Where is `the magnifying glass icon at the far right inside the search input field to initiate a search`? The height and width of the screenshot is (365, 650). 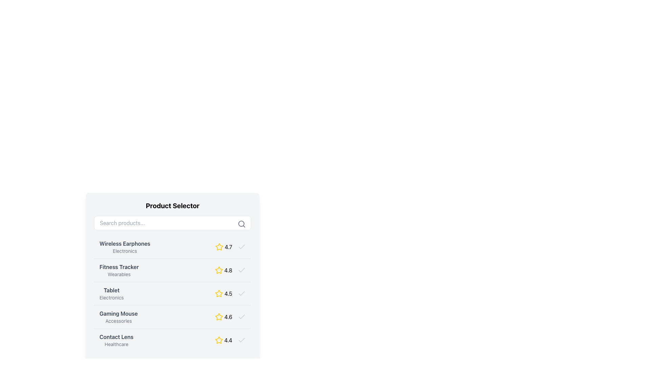
the magnifying glass icon at the far right inside the search input field to initiate a search is located at coordinates (242, 224).